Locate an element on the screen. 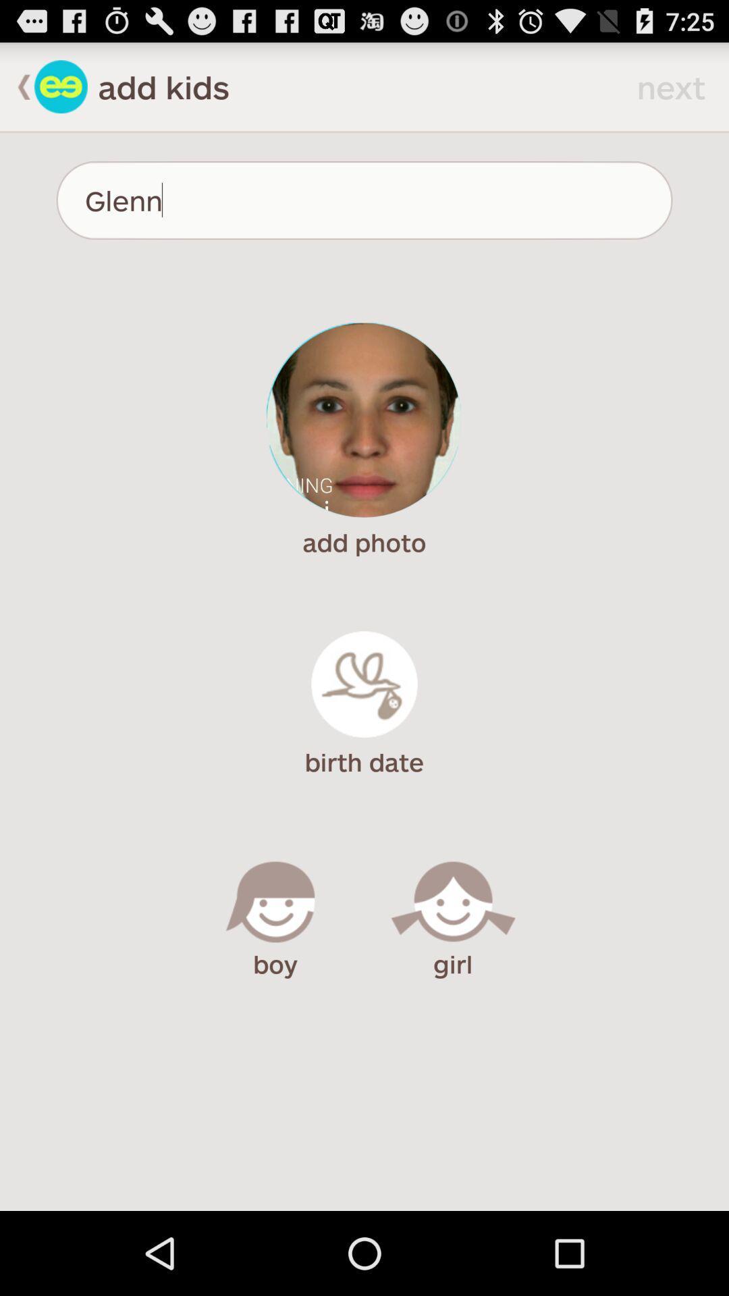  profile picture is located at coordinates (363, 419).